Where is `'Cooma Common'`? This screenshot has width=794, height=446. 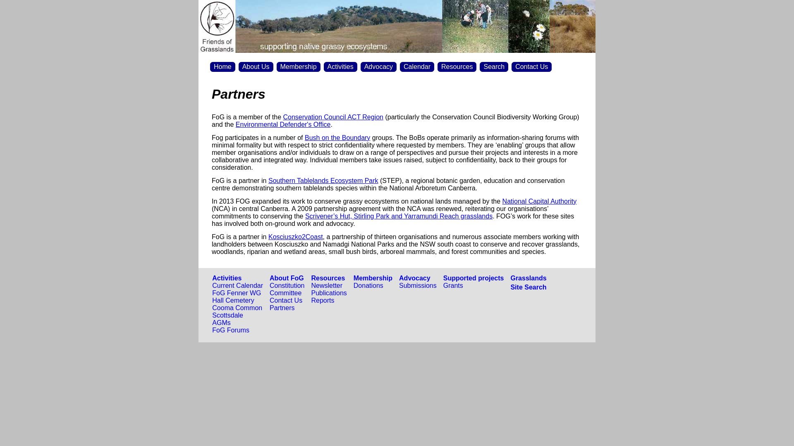 'Cooma Common' is located at coordinates (237, 308).